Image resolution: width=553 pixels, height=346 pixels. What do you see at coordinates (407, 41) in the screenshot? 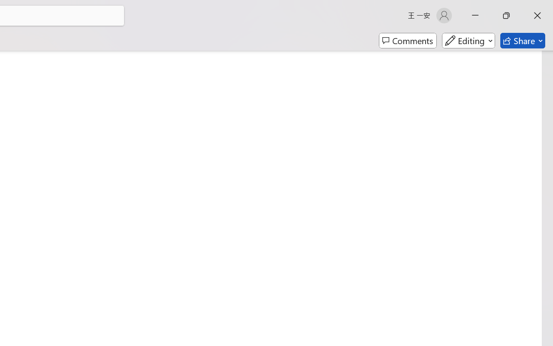
I see `'Comments'` at bounding box center [407, 41].